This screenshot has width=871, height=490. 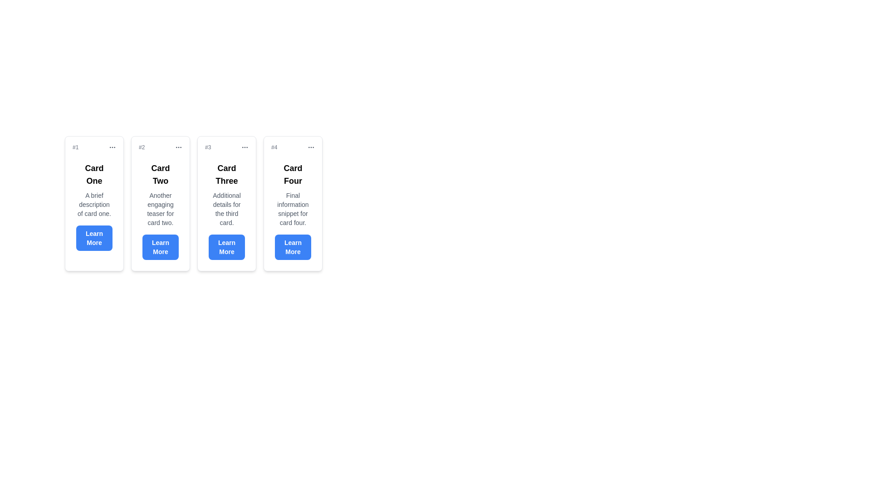 What do you see at coordinates (94, 237) in the screenshot?
I see `the 'Learn More' button, which is a rectangular button with rounded corners, blue background, and white bold text, located at the bottom of 'Card One'` at bounding box center [94, 237].